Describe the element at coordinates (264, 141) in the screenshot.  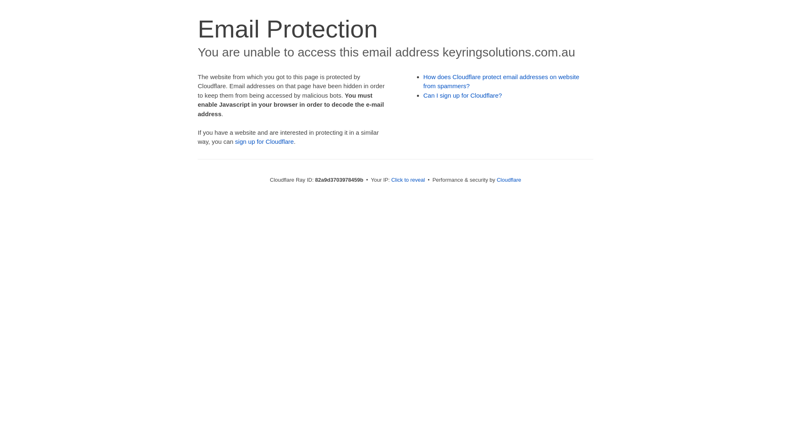
I see `'sign up for Cloudflare'` at that location.